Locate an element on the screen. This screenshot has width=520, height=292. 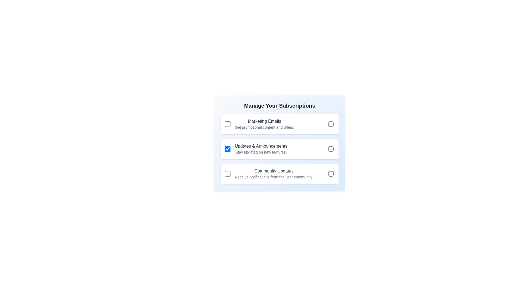
the checkbox for 'Marketing Emails' to toggle its state is located at coordinates (227, 124).